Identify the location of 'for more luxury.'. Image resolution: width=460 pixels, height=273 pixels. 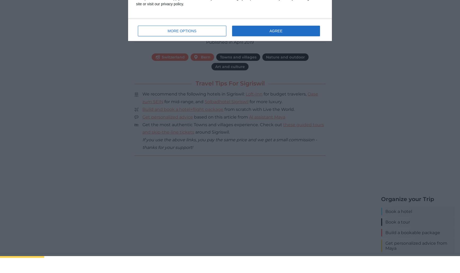
(265, 102).